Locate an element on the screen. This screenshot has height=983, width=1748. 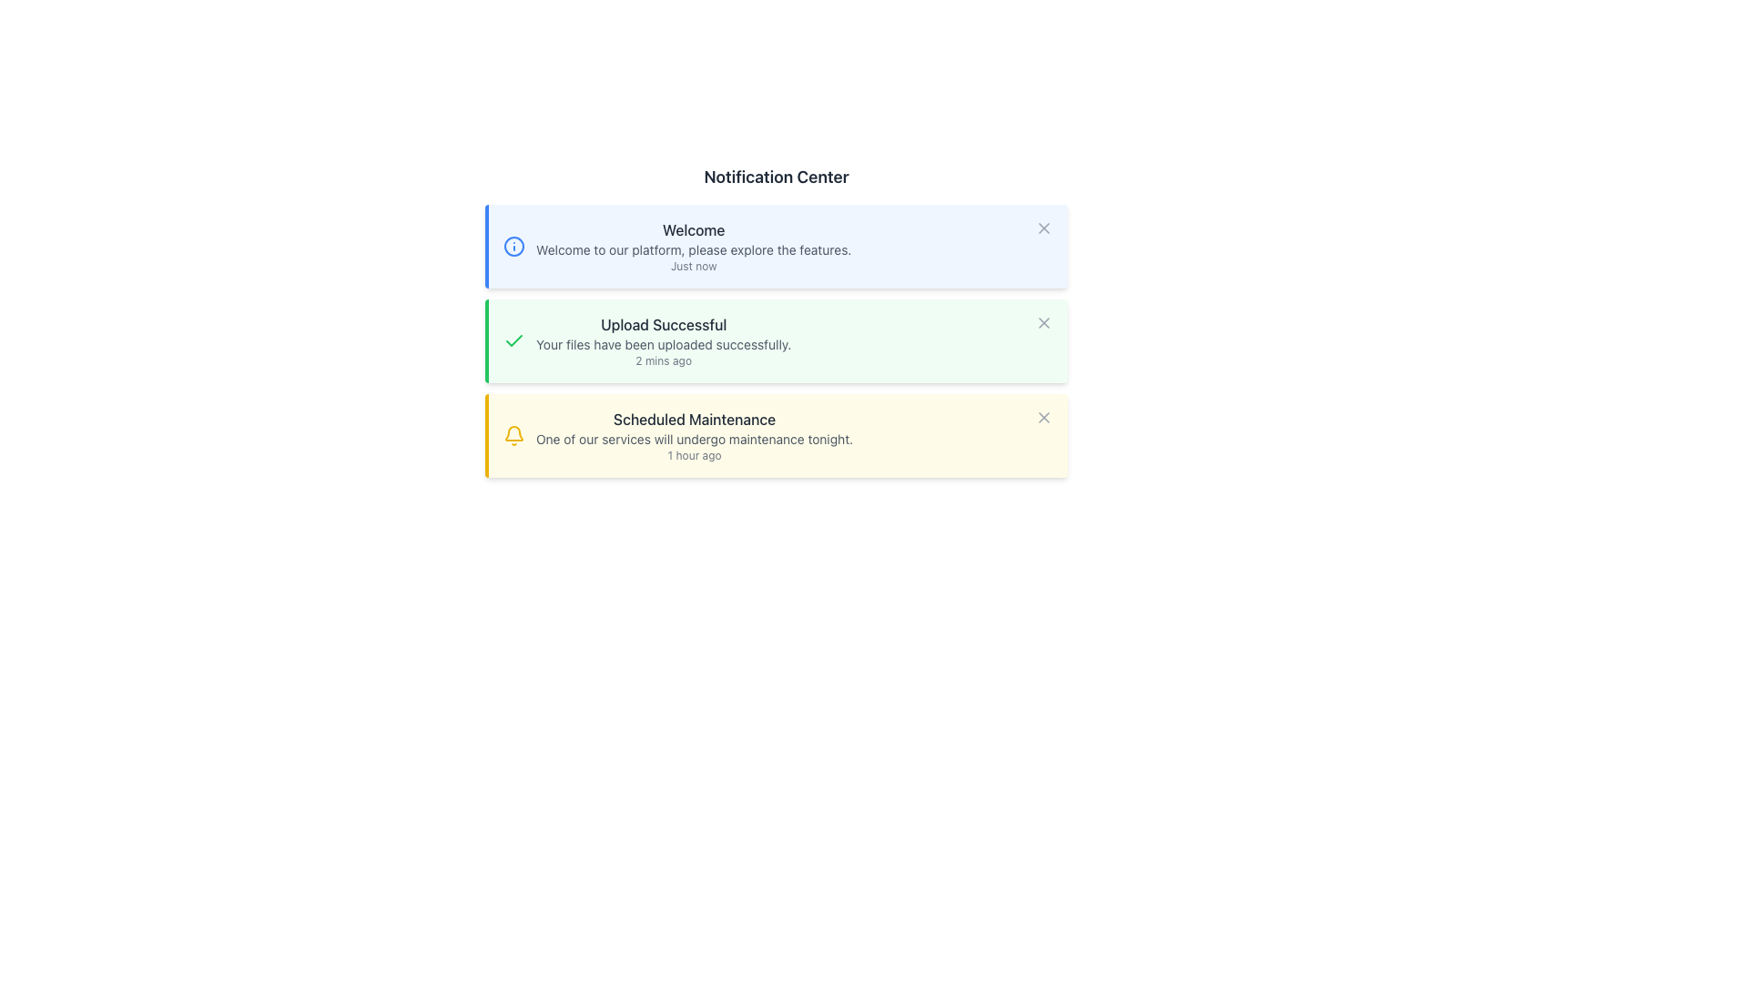
the notification icon that indicates scheduled maintenance, located at the top-left corner of the 'Scheduled Maintenance' notification card is located at coordinates (513, 435).